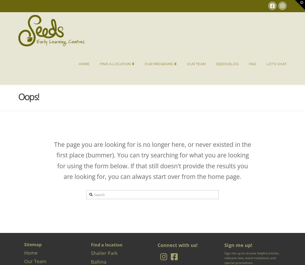 The image size is (305, 265). What do you see at coordinates (24, 261) in the screenshot?
I see `'Our Team'` at bounding box center [24, 261].